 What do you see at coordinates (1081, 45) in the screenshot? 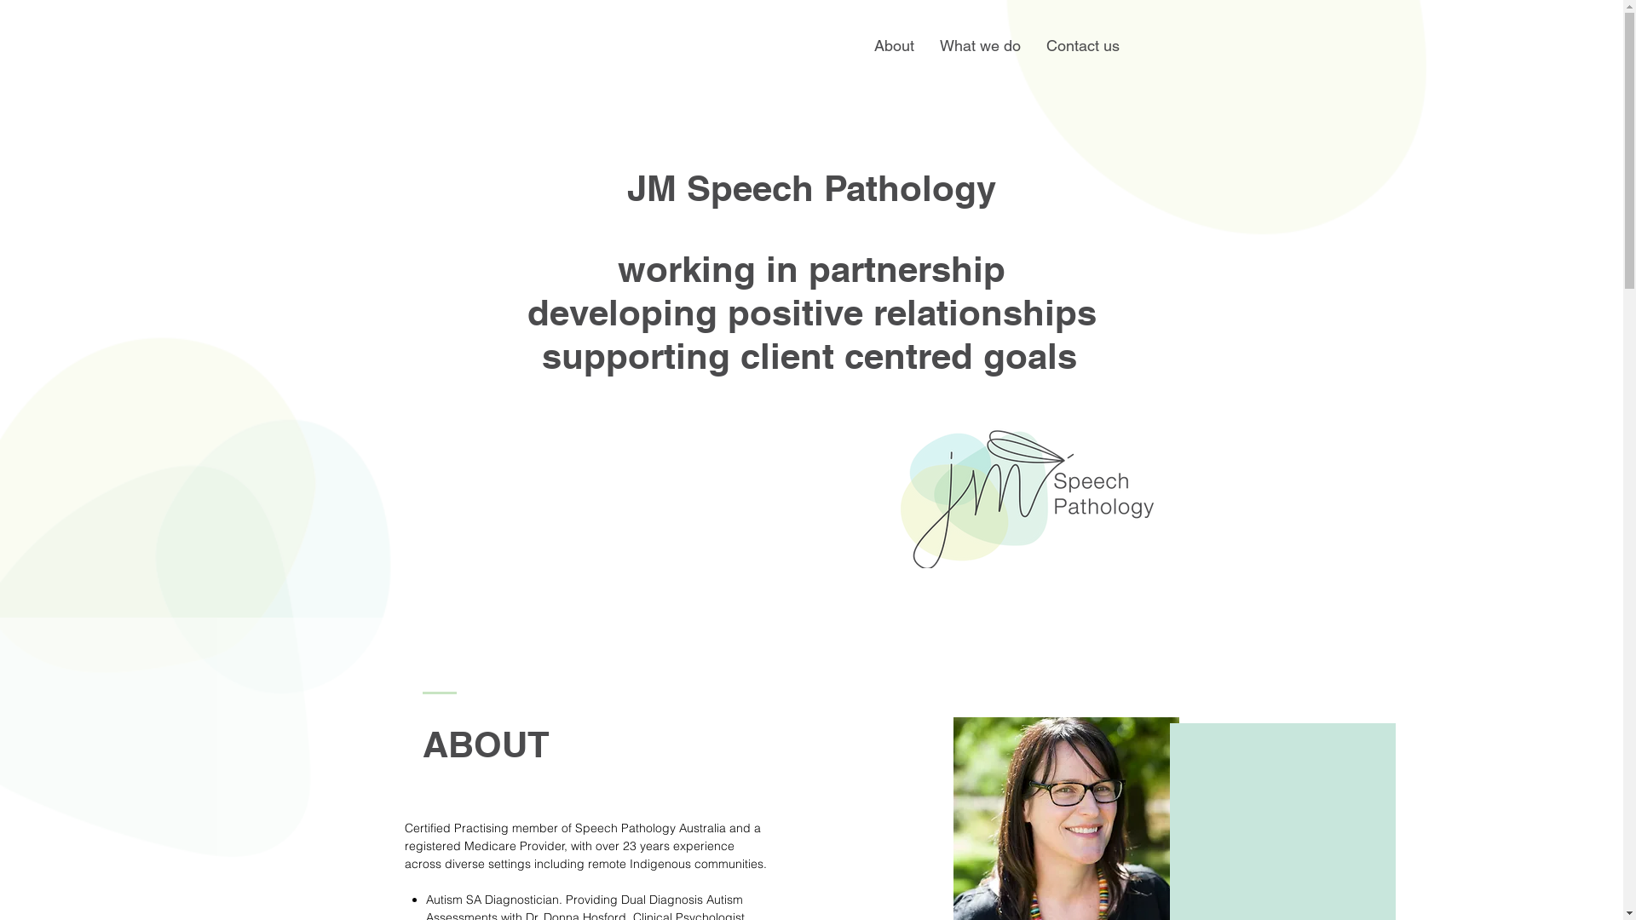
I see `'Contact us'` at bounding box center [1081, 45].